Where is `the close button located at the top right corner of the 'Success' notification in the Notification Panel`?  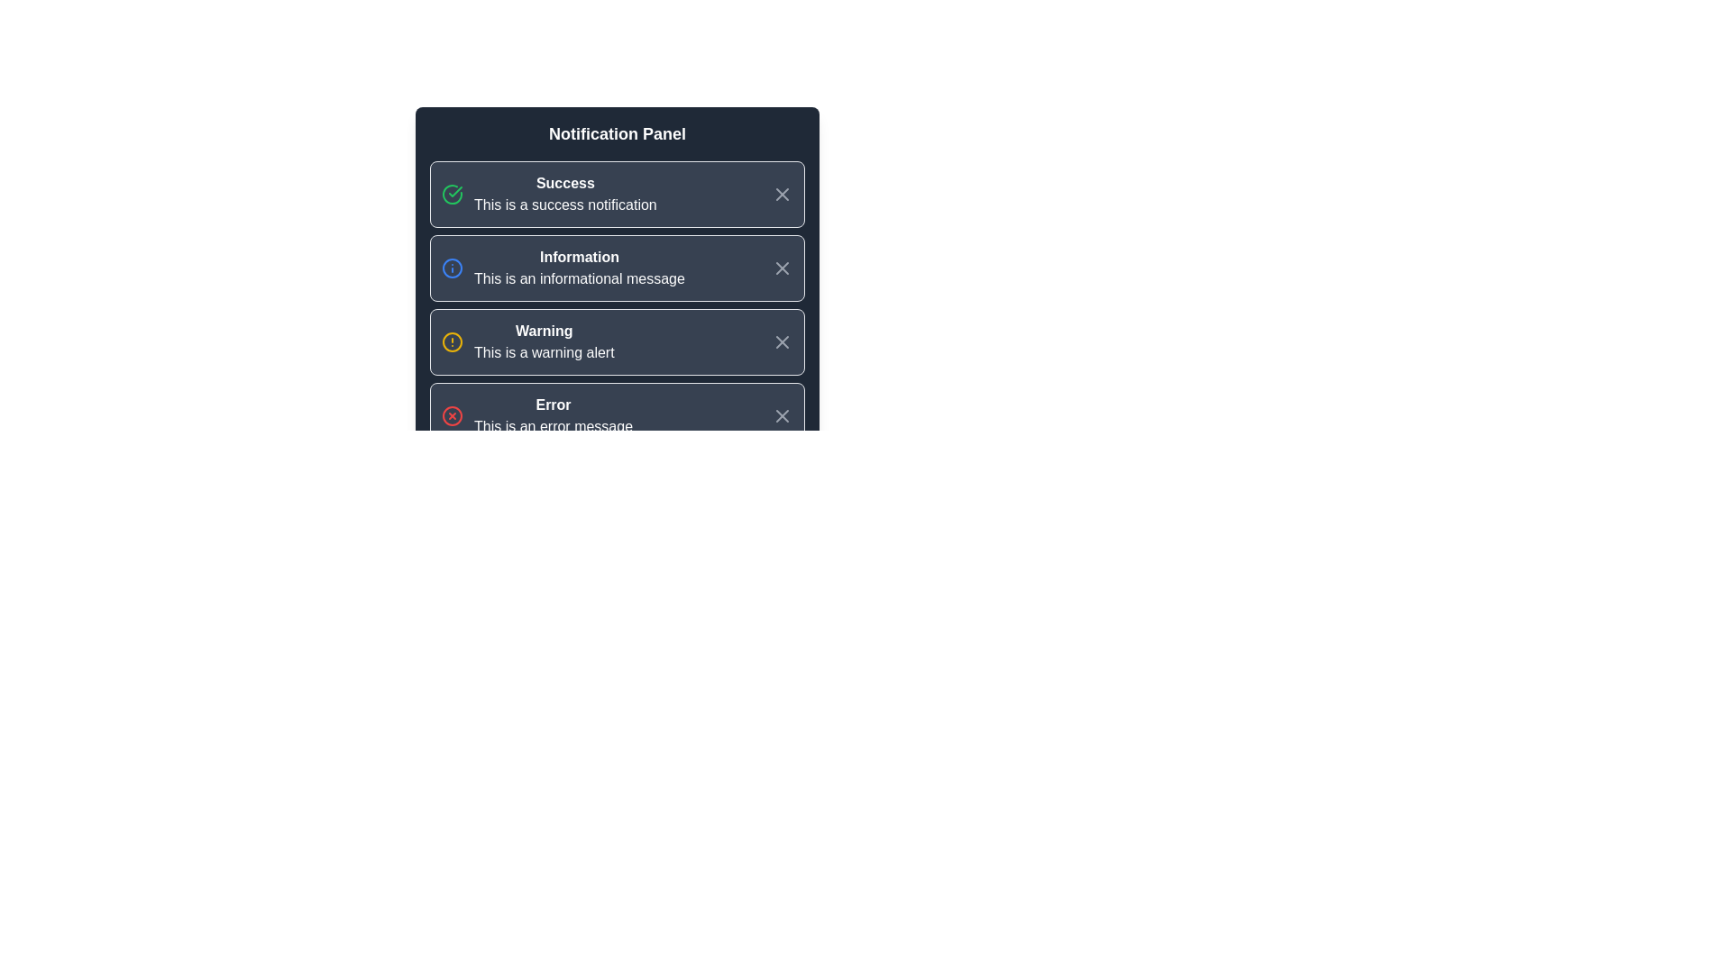 the close button located at the top right corner of the 'Success' notification in the Notification Panel is located at coordinates (783, 195).